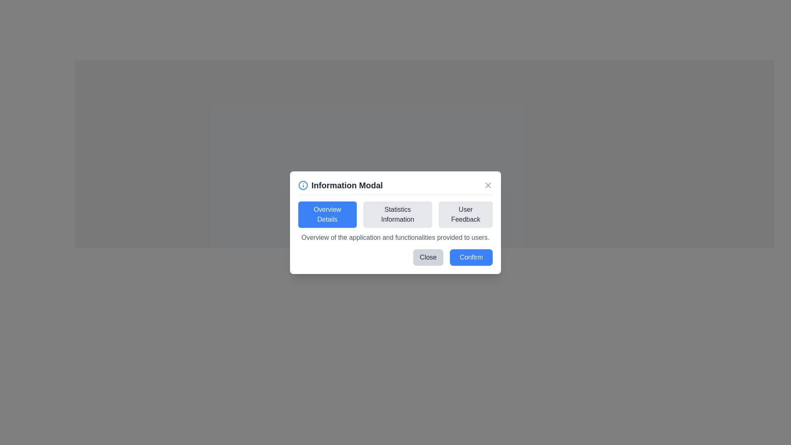 The image size is (791, 445). What do you see at coordinates (398, 214) in the screenshot?
I see `the button labeled 'Statistics Information', which is the second button in a group of three buttons` at bounding box center [398, 214].